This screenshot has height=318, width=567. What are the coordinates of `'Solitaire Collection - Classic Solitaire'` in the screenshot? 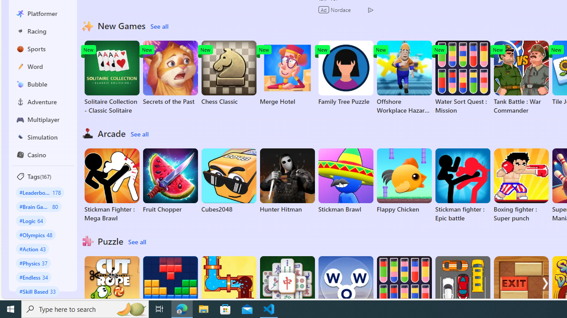 It's located at (111, 77).